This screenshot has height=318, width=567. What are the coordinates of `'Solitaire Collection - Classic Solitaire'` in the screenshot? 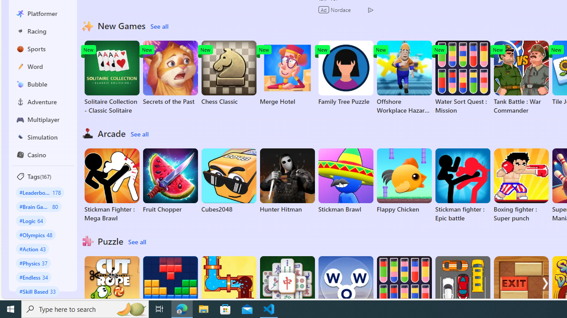 It's located at (111, 77).